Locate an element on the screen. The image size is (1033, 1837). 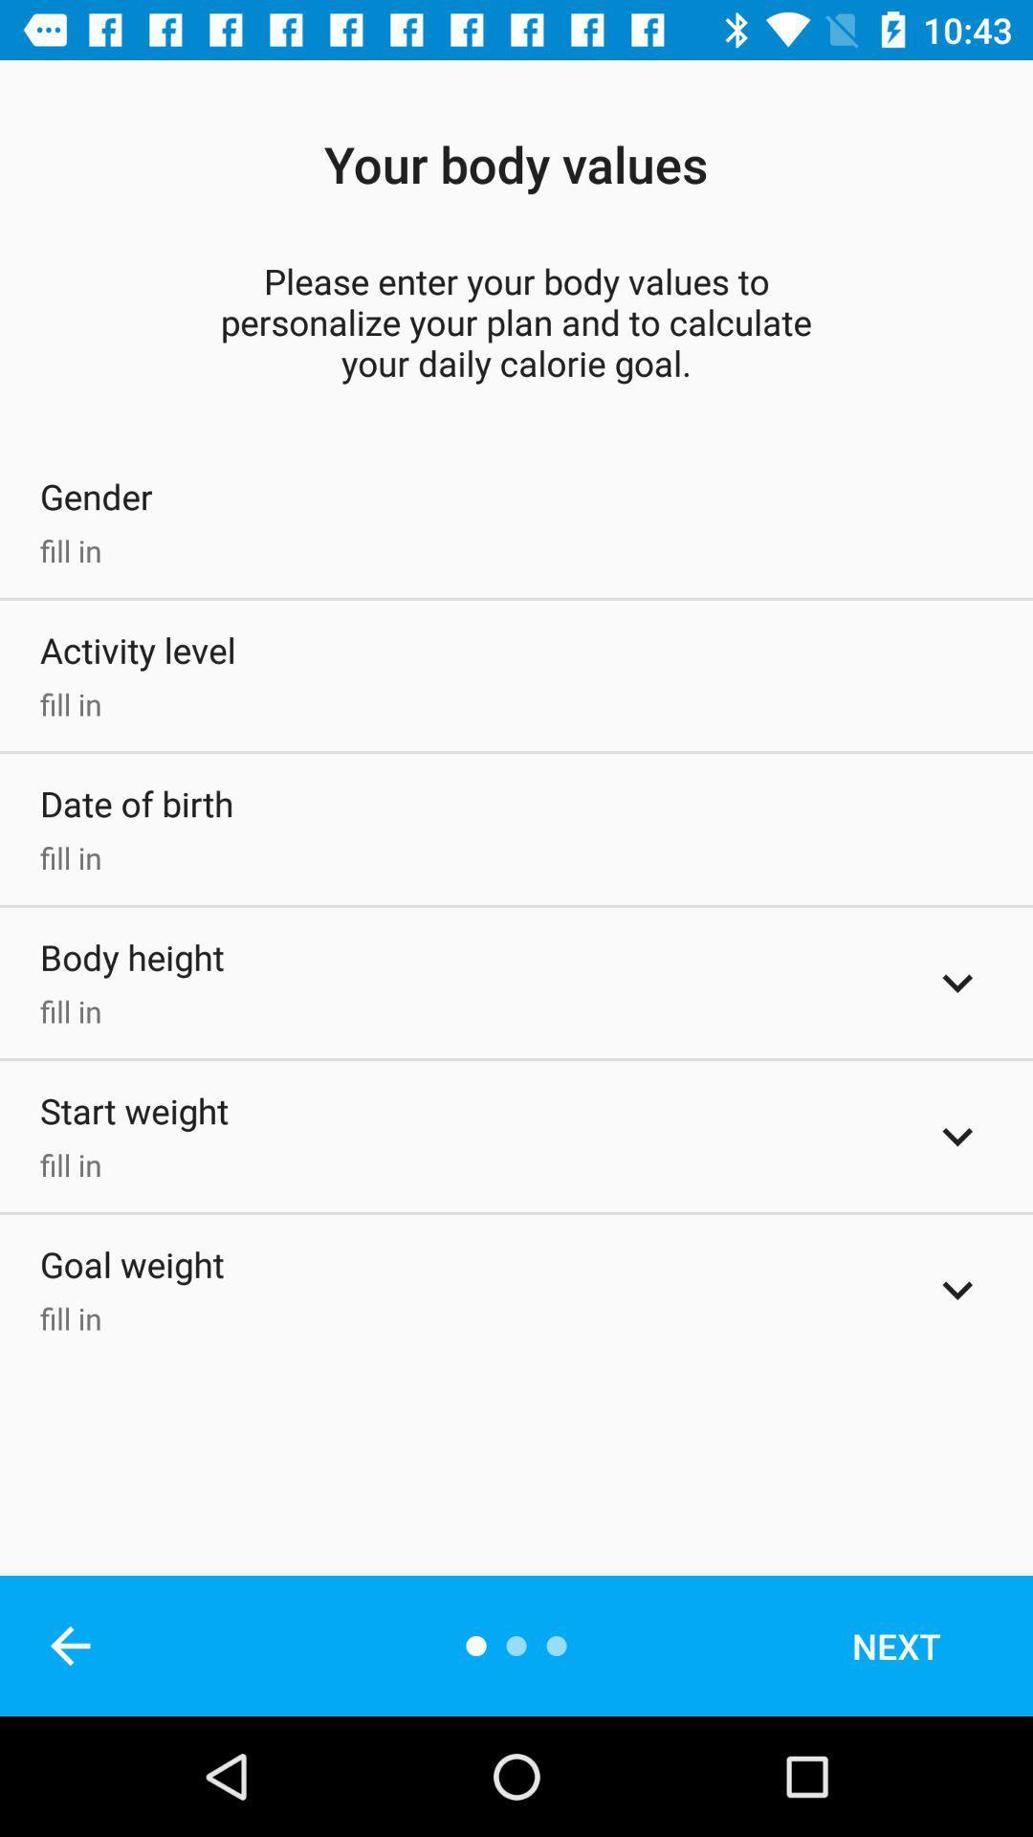
expand is located at coordinates (957, 1290).